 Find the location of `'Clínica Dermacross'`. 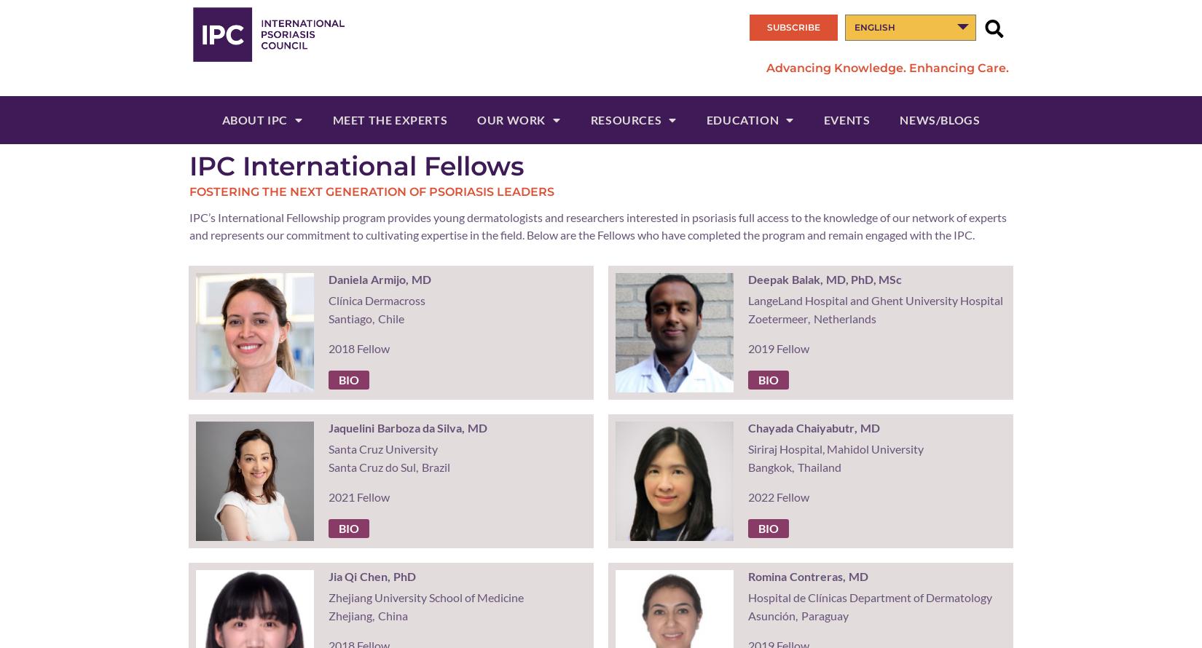

'Clínica Dermacross' is located at coordinates (326, 299).